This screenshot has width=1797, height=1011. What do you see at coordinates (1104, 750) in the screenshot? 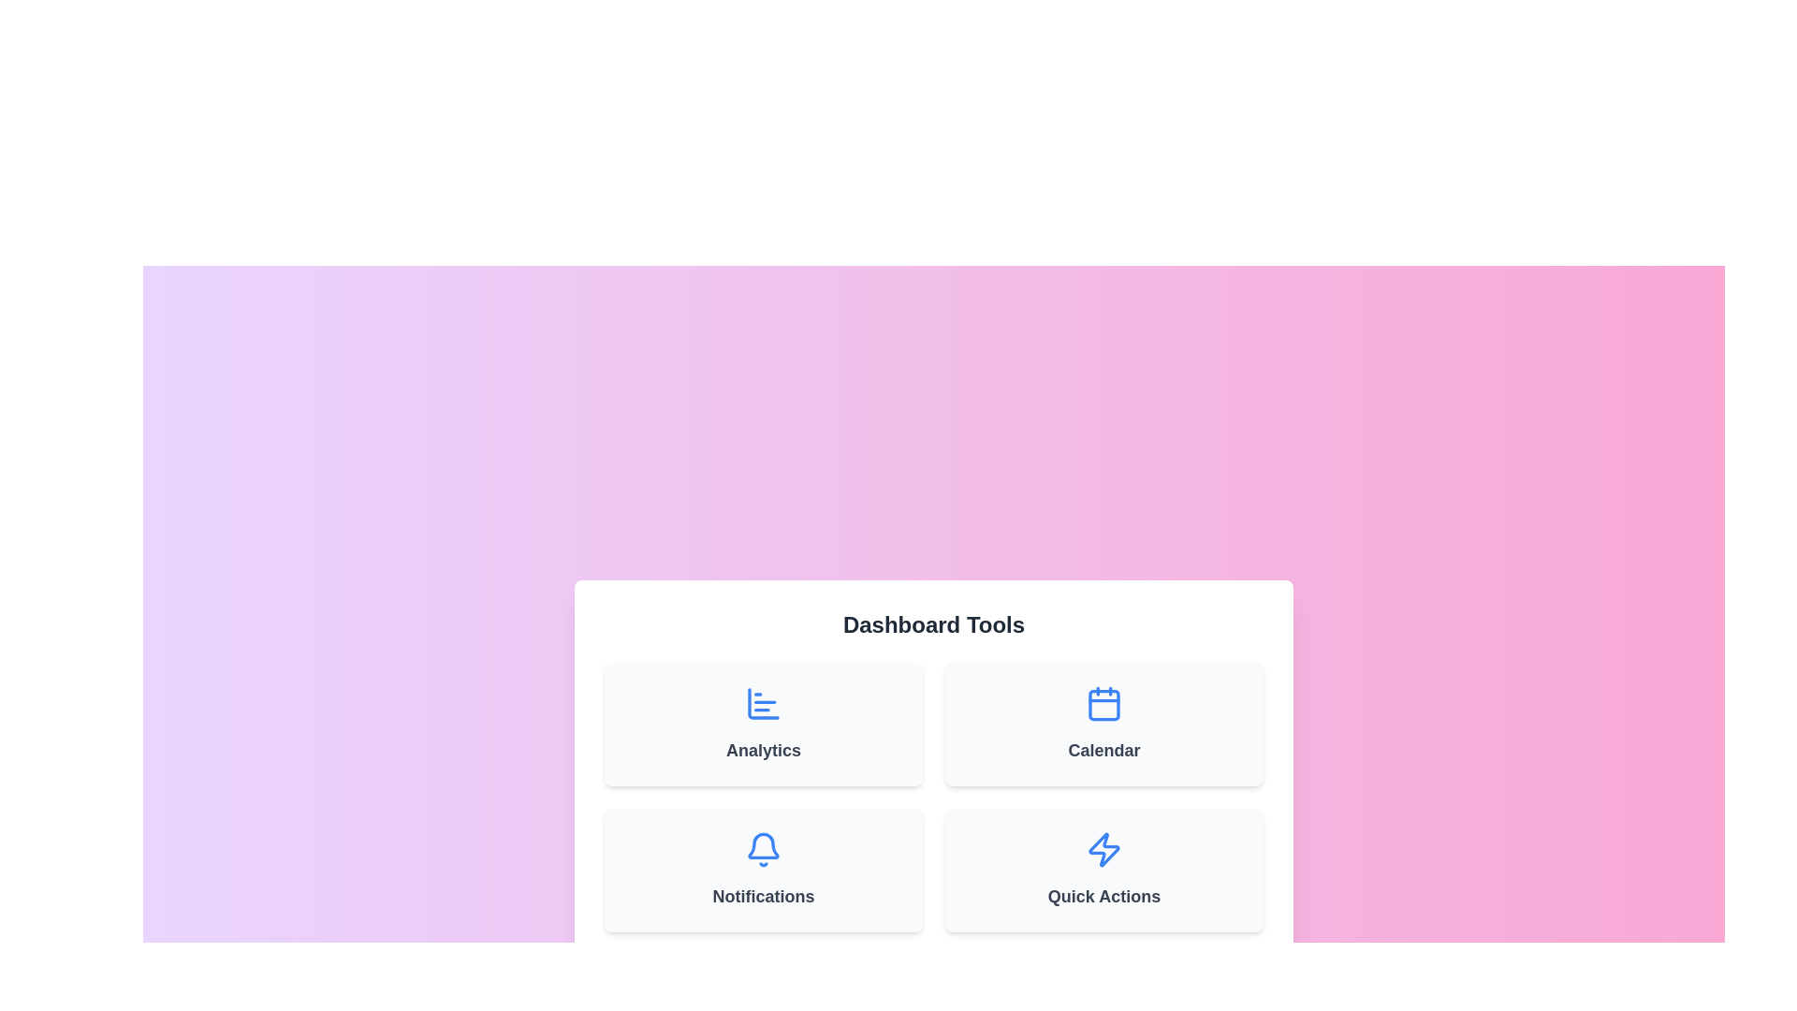
I see `text label 'Calendar' which is styled in bold and dark gray, located in the upper-right card of the dashboard tools` at bounding box center [1104, 750].